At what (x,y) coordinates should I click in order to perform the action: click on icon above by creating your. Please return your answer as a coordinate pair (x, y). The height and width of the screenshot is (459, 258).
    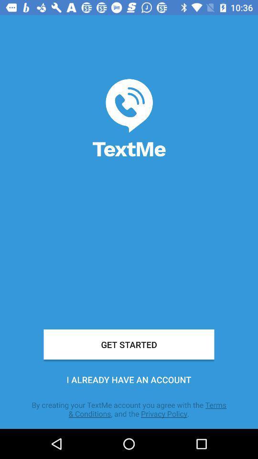
    Looking at the image, I should click on (129, 380).